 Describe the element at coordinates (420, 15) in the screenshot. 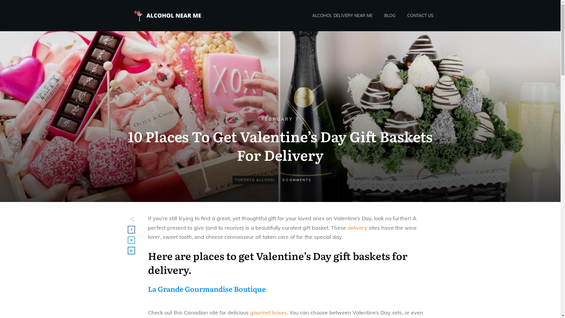

I see `'CONTACT US'` at that location.